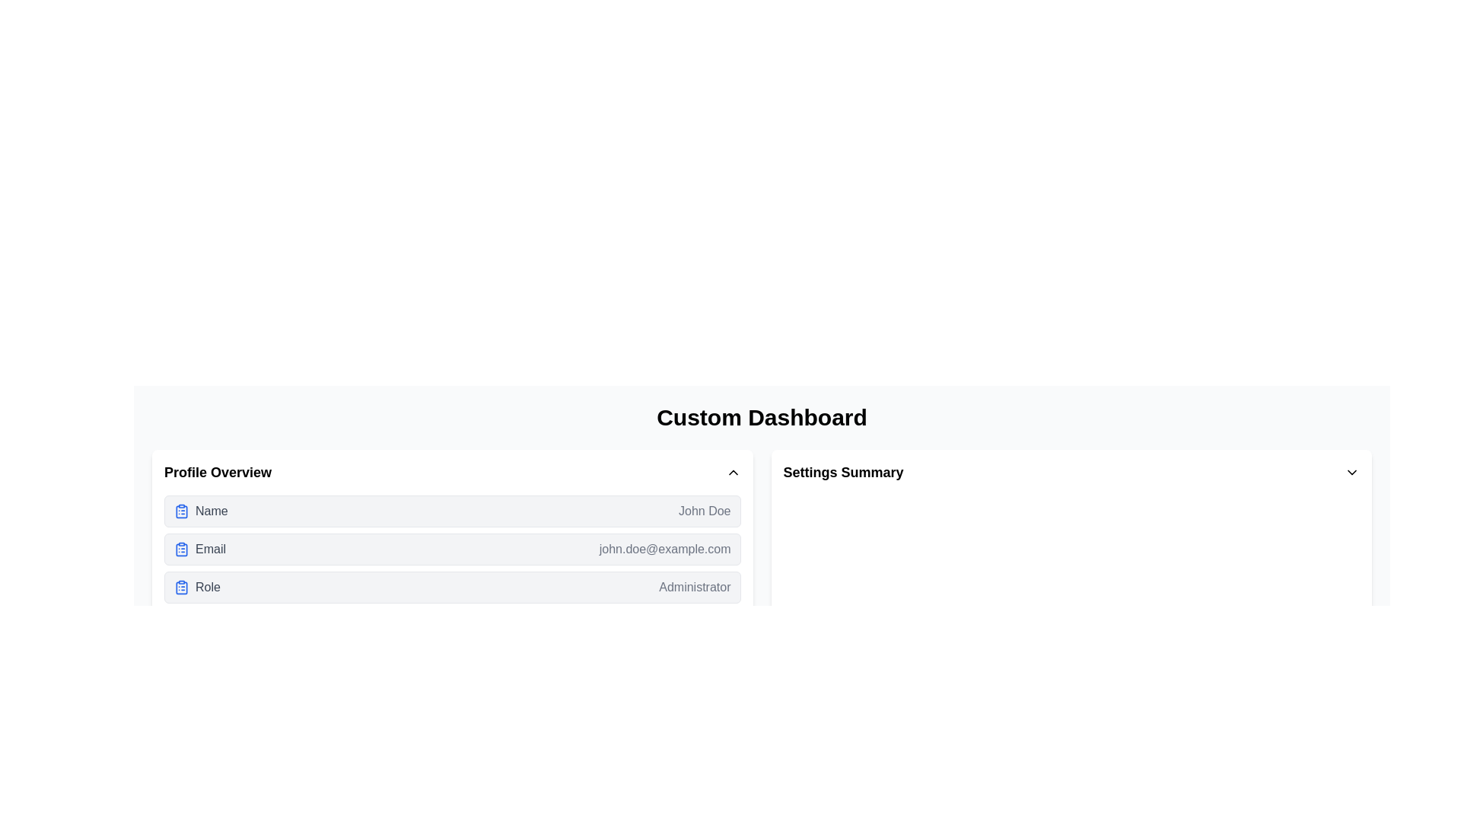 This screenshot has height=822, width=1461. What do you see at coordinates (207, 586) in the screenshot?
I see `the 'Role' text label, which is a medium-weight, gray font, located in the 'Profile Overview' section of the dashboard, specifically the third item below 'Name' and 'Email' labels` at bounding box center [207, 586].